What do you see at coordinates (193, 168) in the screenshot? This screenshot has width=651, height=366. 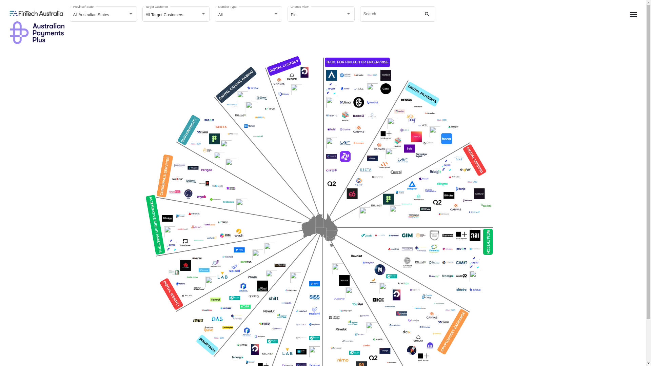 I see `'Migain'` at bounding box center [193, 168].